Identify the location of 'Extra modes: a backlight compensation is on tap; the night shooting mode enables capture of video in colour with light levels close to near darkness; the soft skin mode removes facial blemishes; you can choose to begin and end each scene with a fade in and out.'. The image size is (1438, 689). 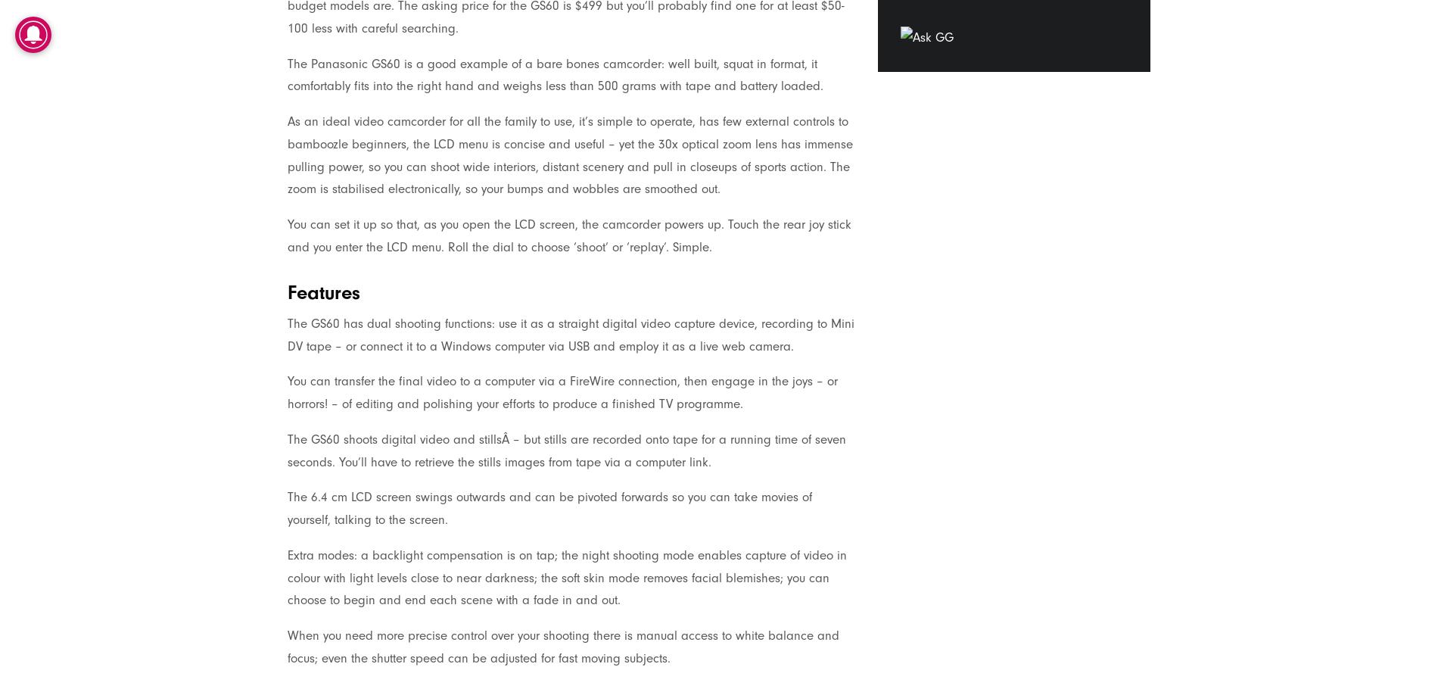
(566, 577).